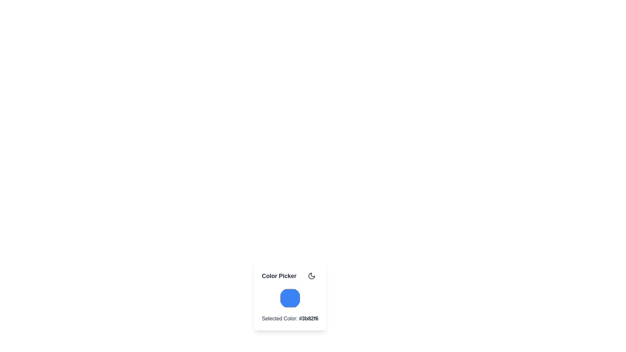  What do you see at coordinates (290, 296) in the screenshot?
I see `displayed selected color from the Color Picker card component, which shows 'Selected Color: #3b82f6' at the bottom of the card` at bounding box center [290, 296].